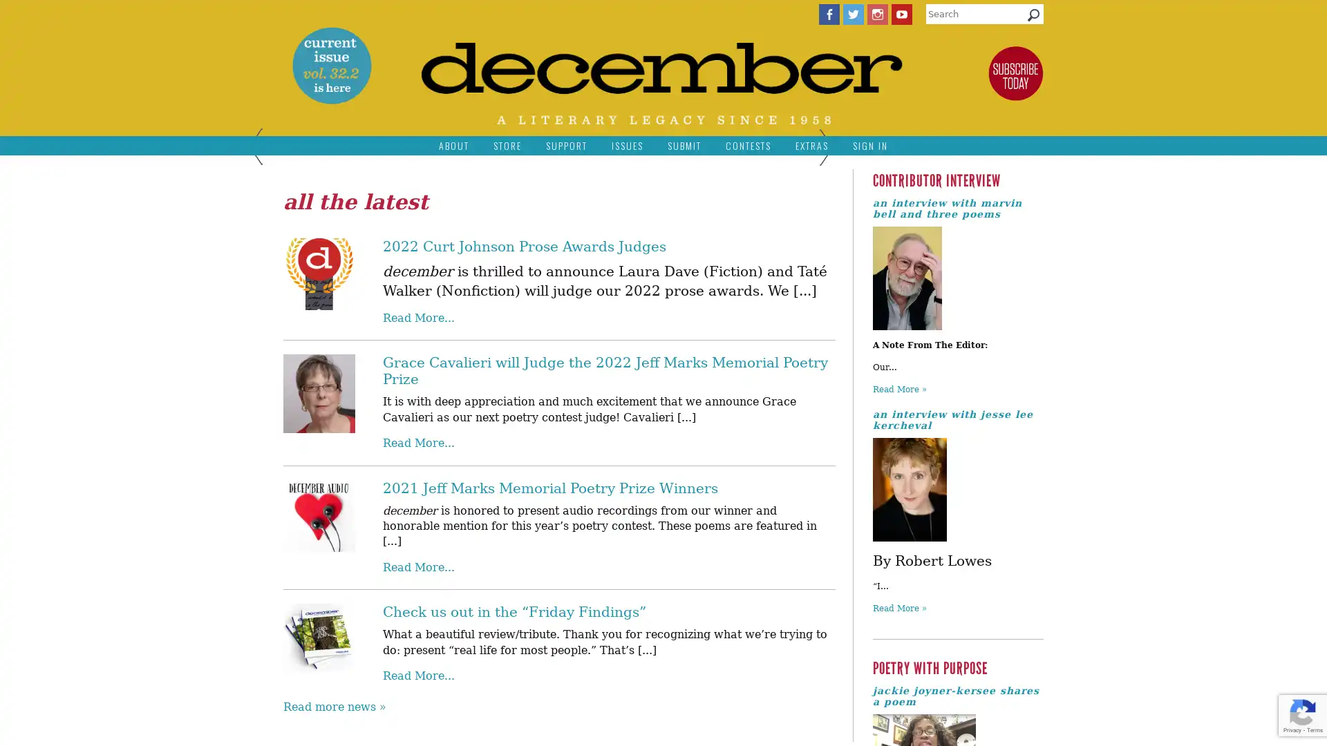 This screenshot has height=746, width=1327. Describe the element at coordinates (1033, 18) in the screenshot. I see `Search` at that location.